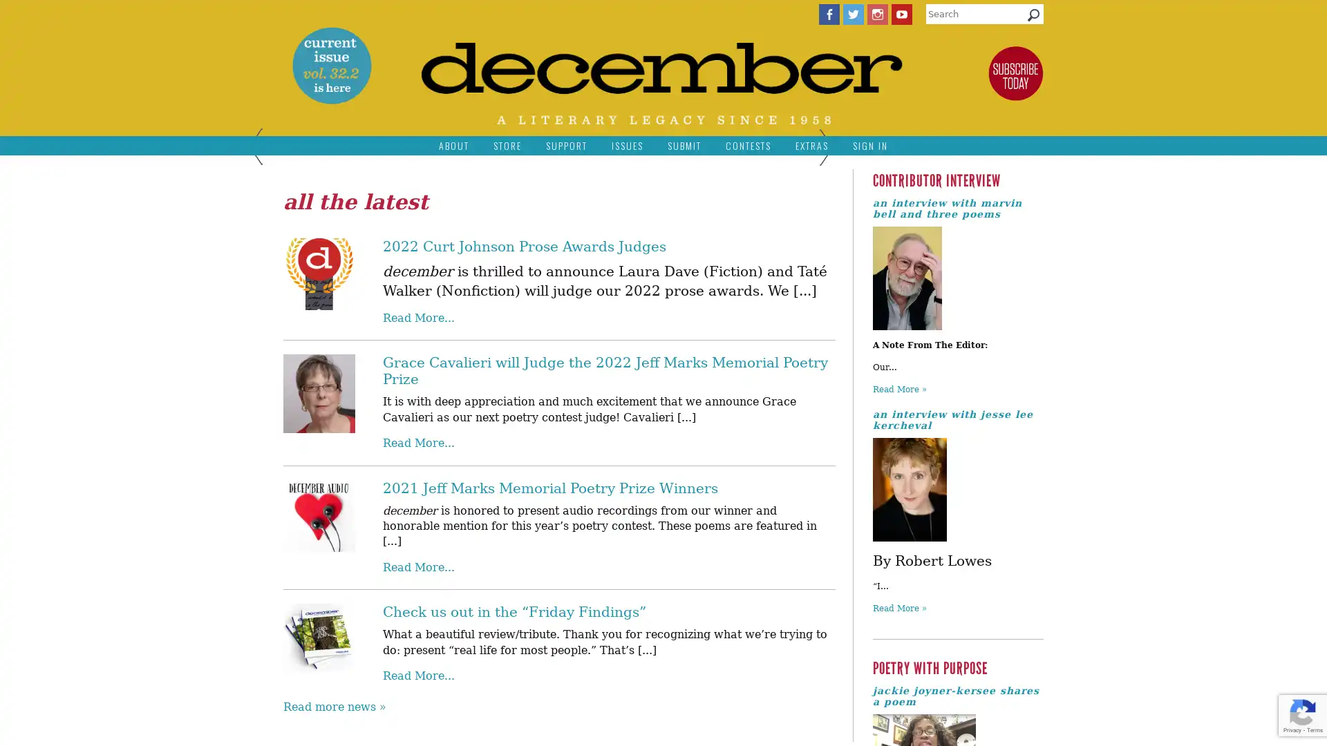 This screenshot has height=746, width=1327. Describe the element at coordinates (1033, 18) in the screenshot. I see `Search` at that location.